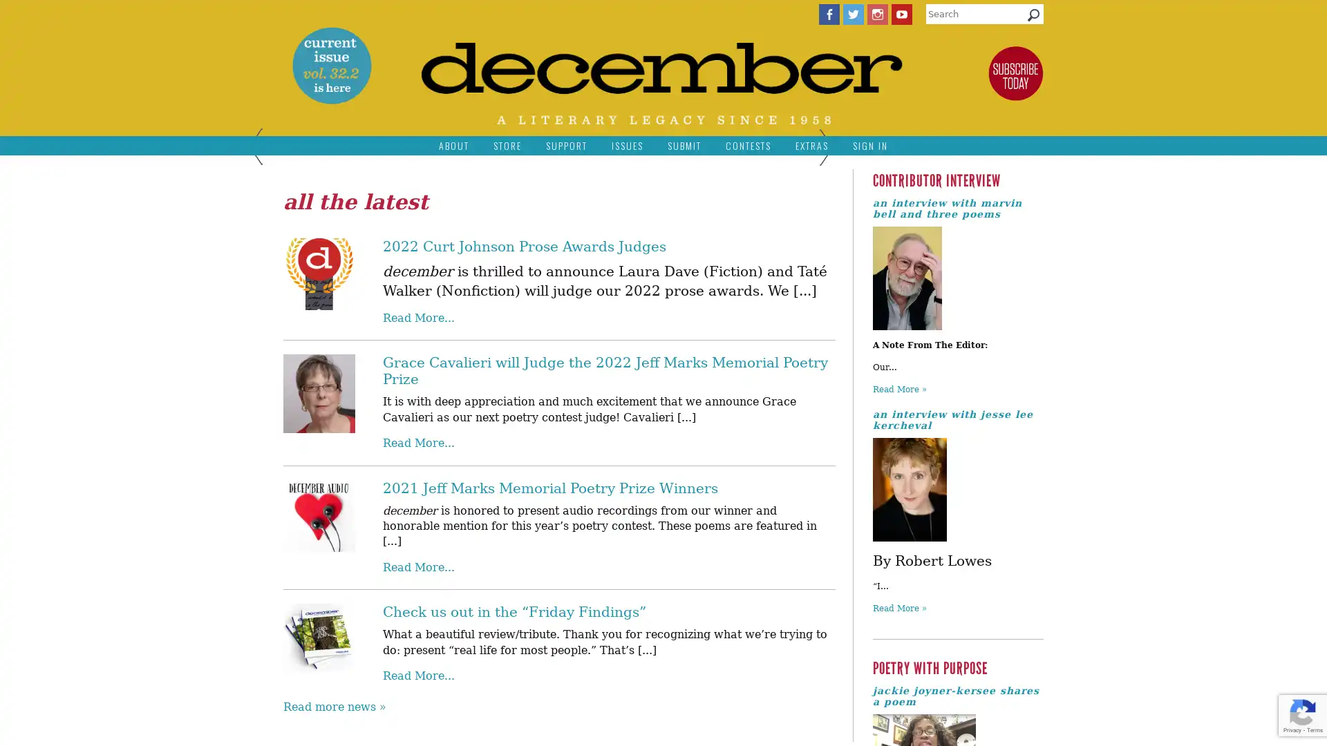 This screenshot has height=746, width=1327. Describe the element at coordinates (1033, 18) in the screenshot. I see `Search` at that location.